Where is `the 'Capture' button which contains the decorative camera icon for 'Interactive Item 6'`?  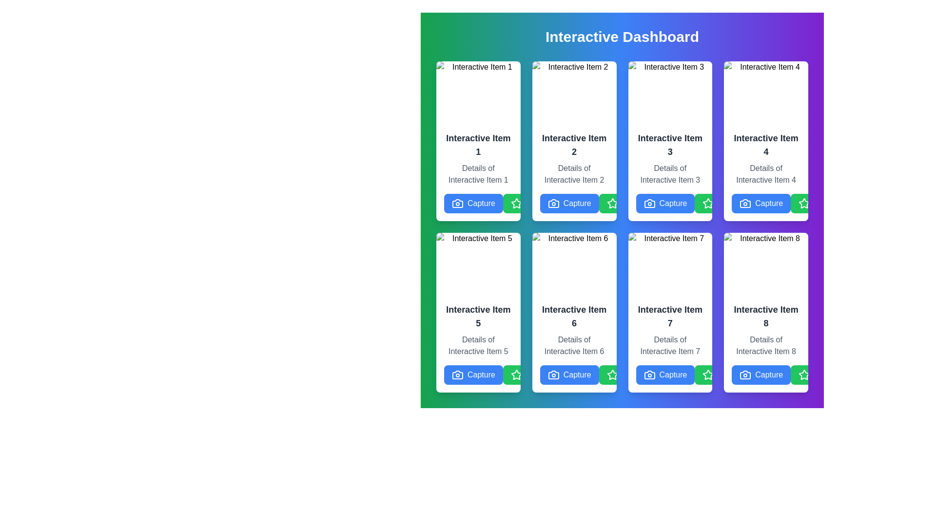
the 'Capture' button which contains the decorative camera icon for 'Interactive Item 6' is located at coordinates (553, 375).